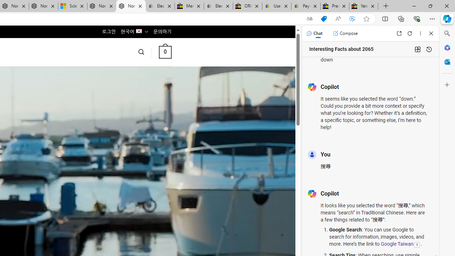  What do you see at coordinates (345, 33) in the screenshot?
I see `'Compose'` at bounding box center [345, 33].